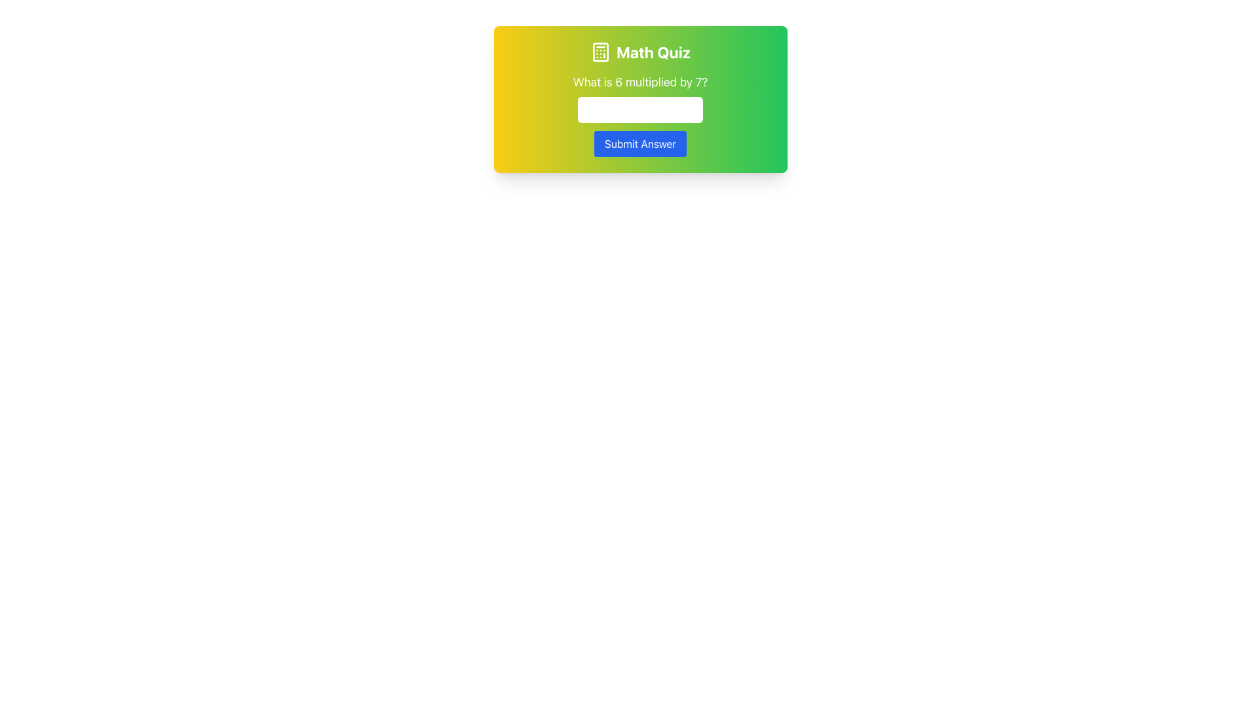  Describe the element at coordinates (653, 52) in the screenshot. I see `text of the 'Math Quiz' title label, which is a bold, large font text-based UI component centered at the top of the card` at that location.